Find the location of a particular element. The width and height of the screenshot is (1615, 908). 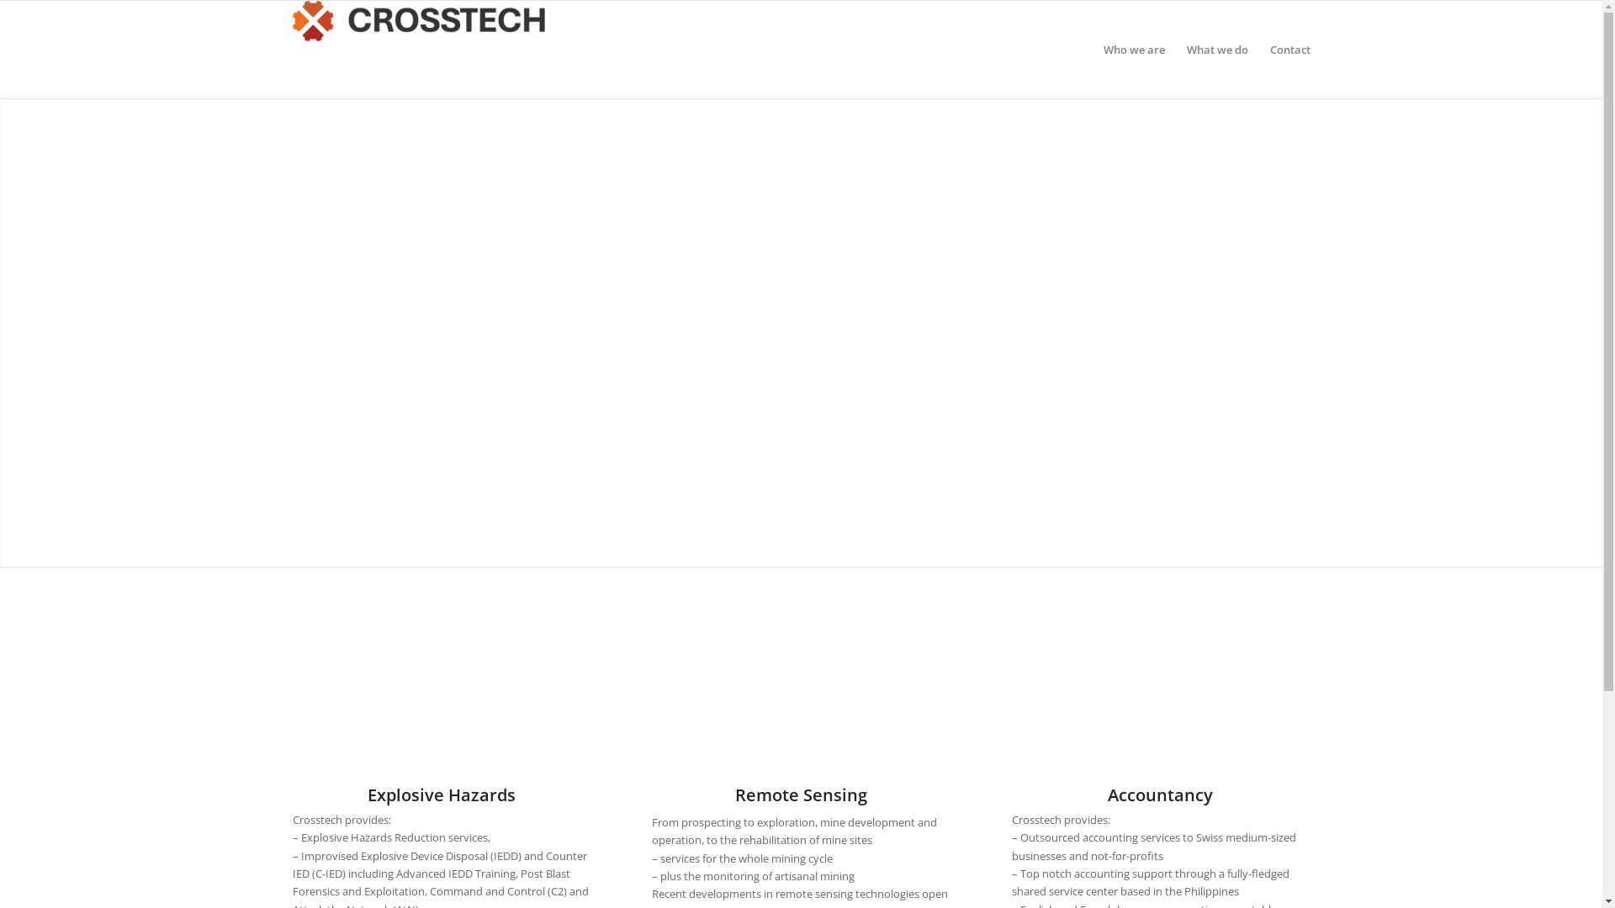

'Contact' is located at coordinates (1283, 48).